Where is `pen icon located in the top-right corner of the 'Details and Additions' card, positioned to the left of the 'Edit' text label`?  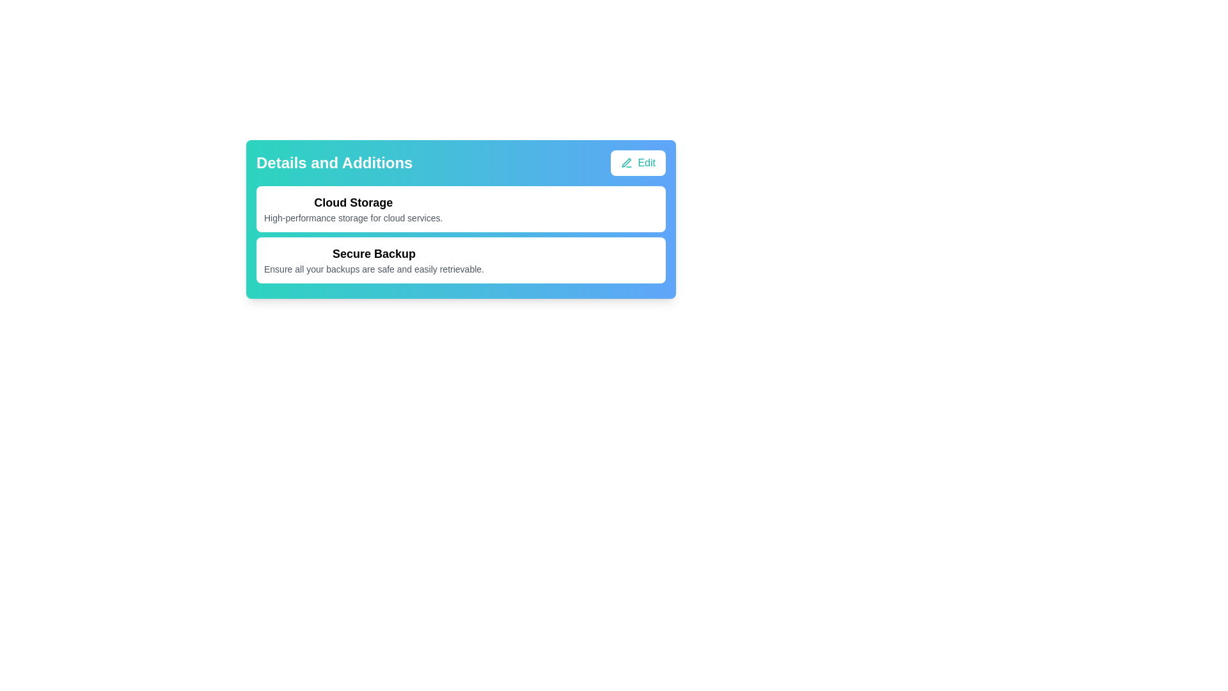
pen icon located in the top-right corner of the 'Details and Additions' card, positioned to the left of the 'Edit' text label is located at coordinates (626, 162).